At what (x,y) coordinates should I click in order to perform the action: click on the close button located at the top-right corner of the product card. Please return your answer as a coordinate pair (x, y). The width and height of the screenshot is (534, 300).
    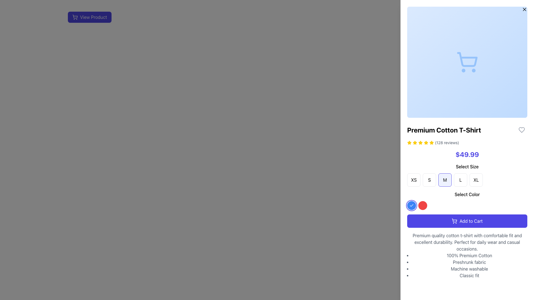
    Looking at the image, I should click on (524, 9).